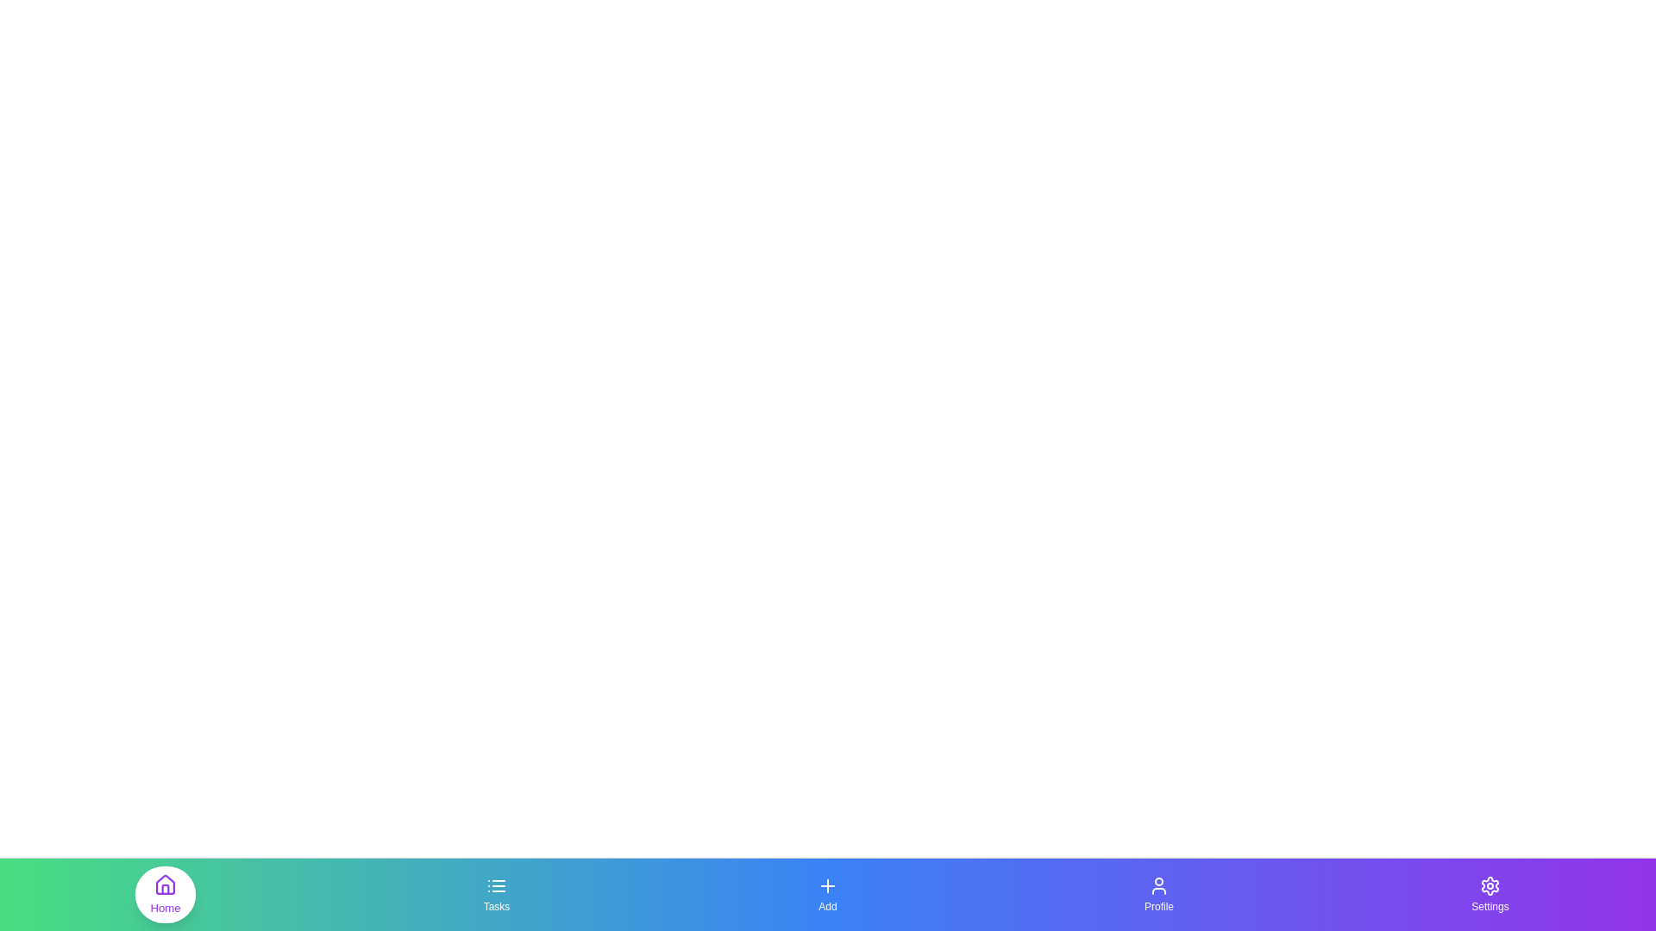  I want to click on the Home navigation tab to change the active section, so click(166, 893).